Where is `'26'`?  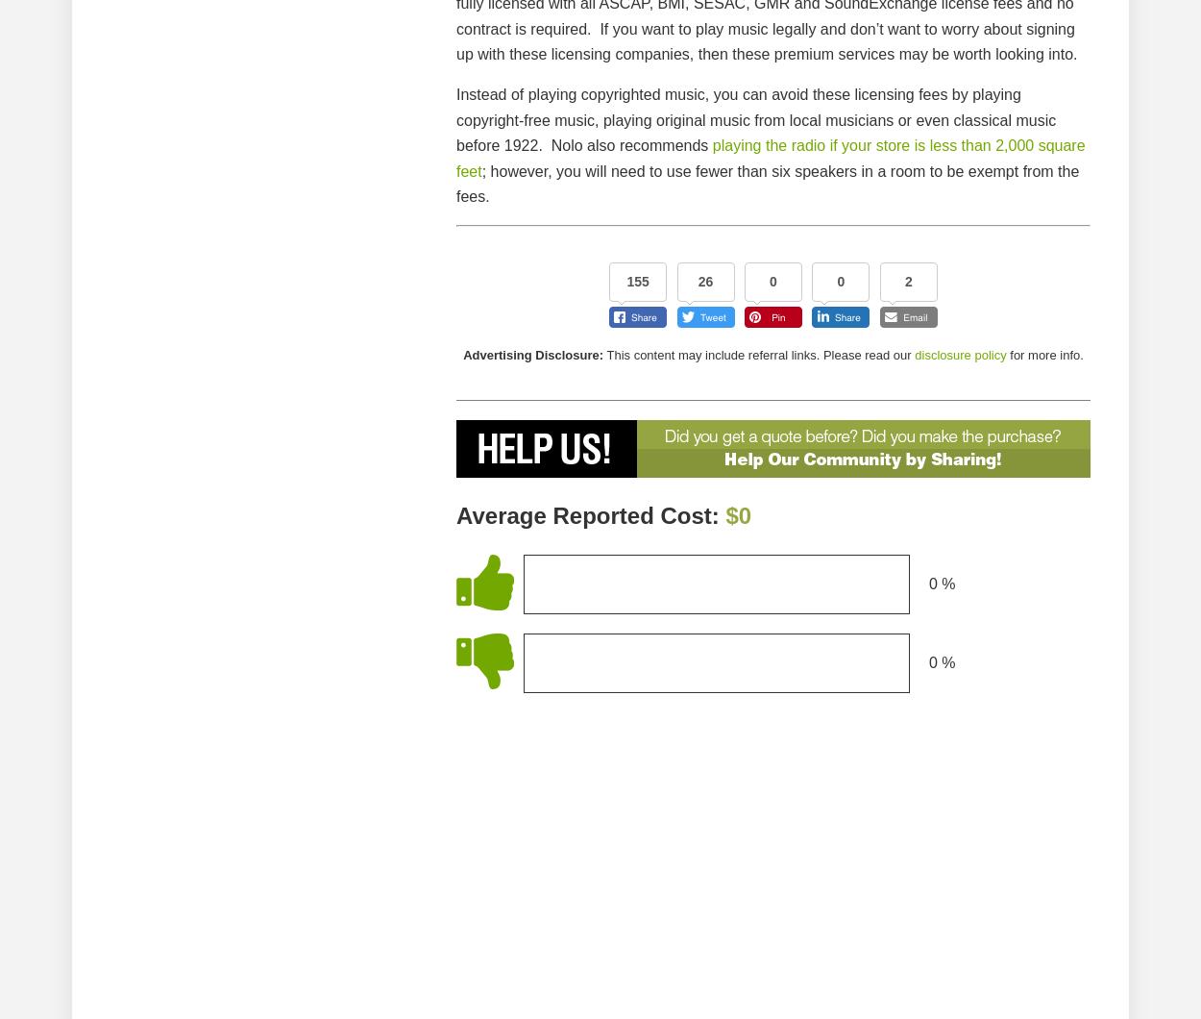 '26' is located at coordinates (704, 281).